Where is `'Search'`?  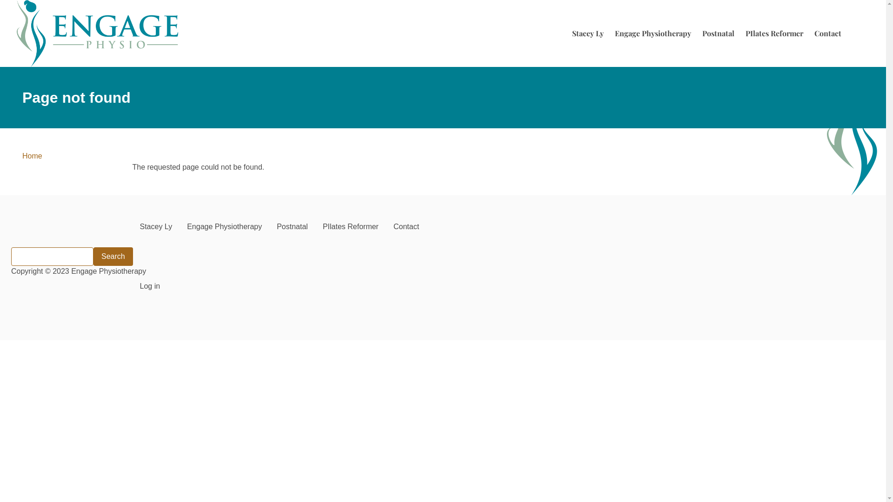
'Search' is located at coordinates (113, 256).